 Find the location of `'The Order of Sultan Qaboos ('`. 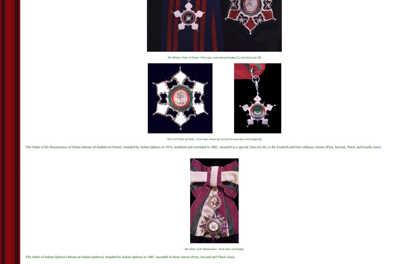

'The Order of Sultan Qaboos (' is located at coordinates (46, 257).